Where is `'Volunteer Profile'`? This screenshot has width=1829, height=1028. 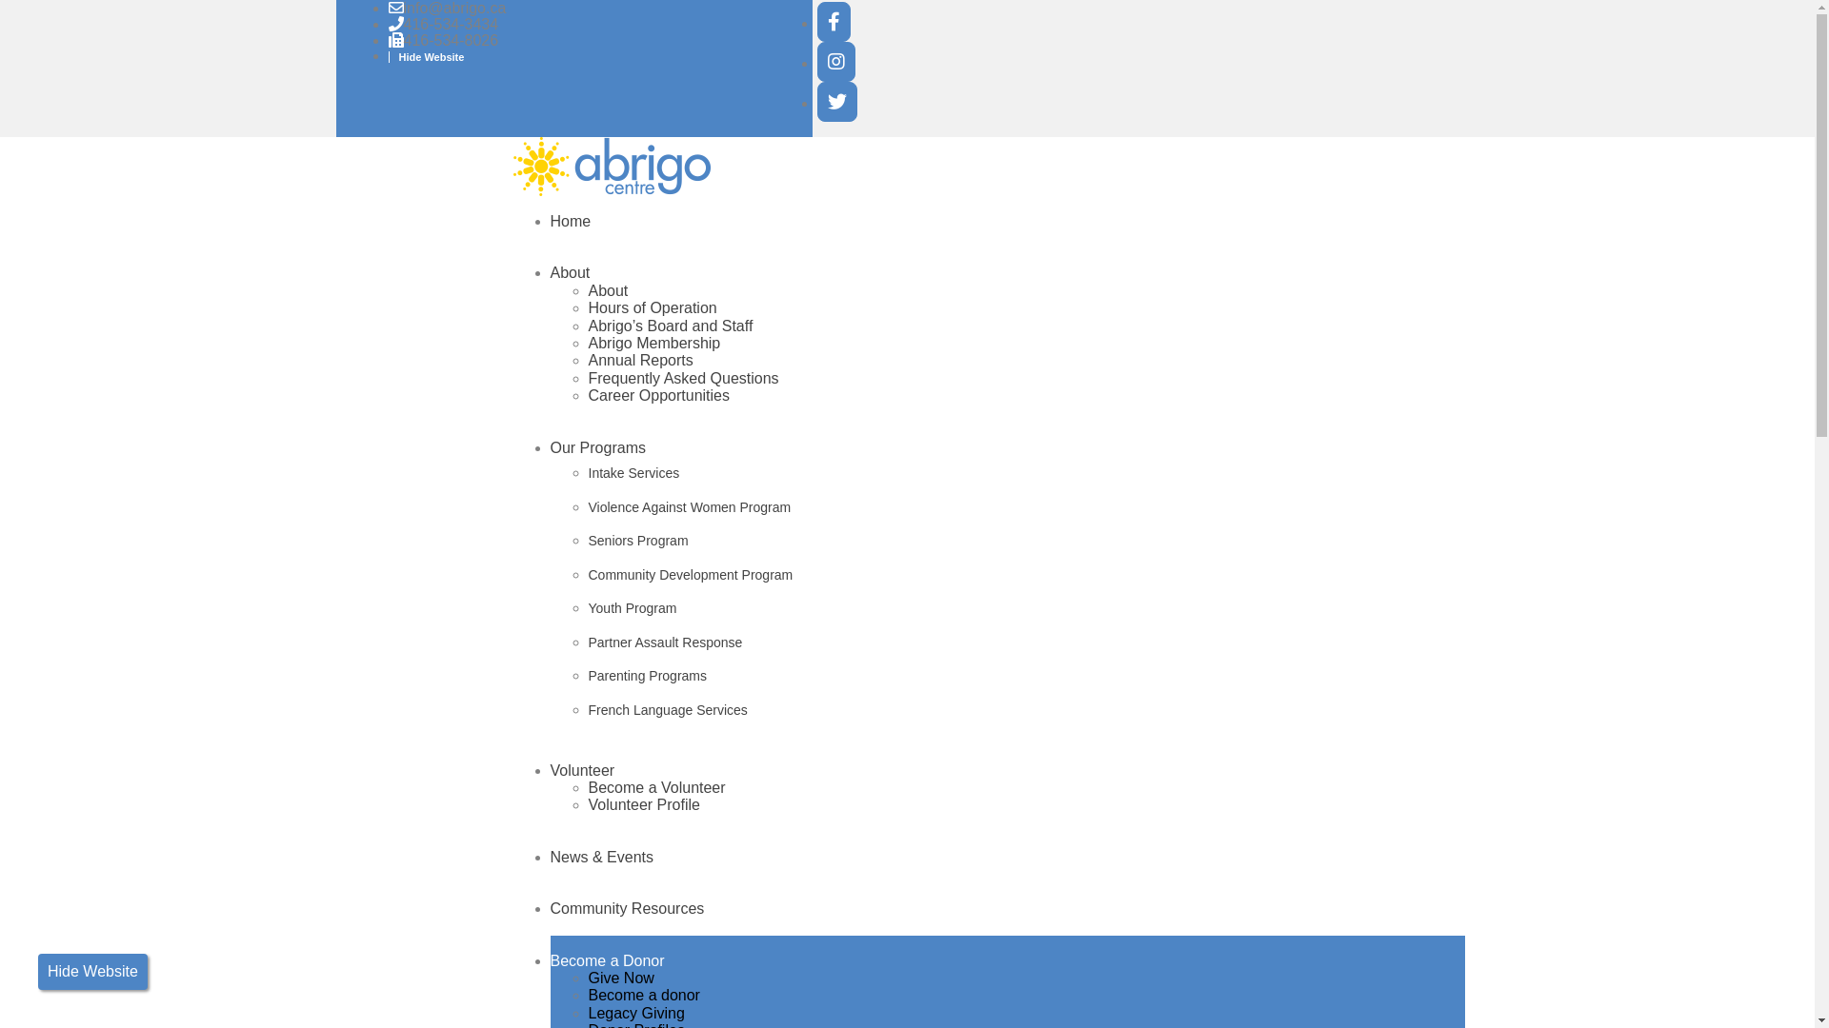 'Volunteer Profile' is located at coordinates (644, 804).